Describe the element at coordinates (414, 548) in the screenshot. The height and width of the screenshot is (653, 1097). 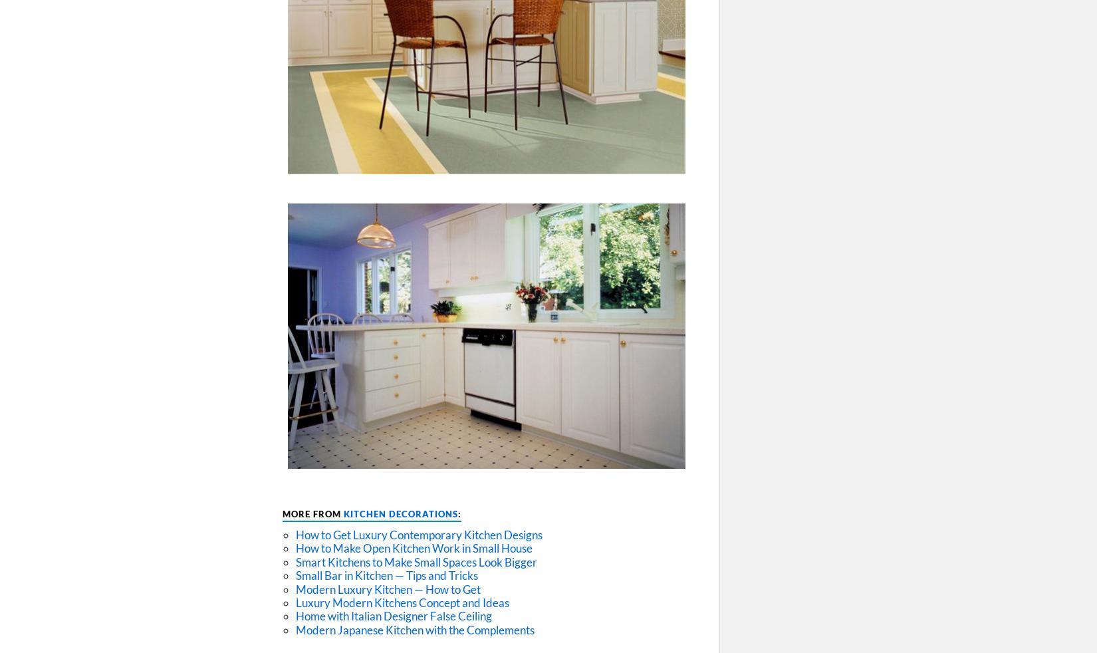
I see `'How to Make Open Kitchen Work in Small House'` at that location.